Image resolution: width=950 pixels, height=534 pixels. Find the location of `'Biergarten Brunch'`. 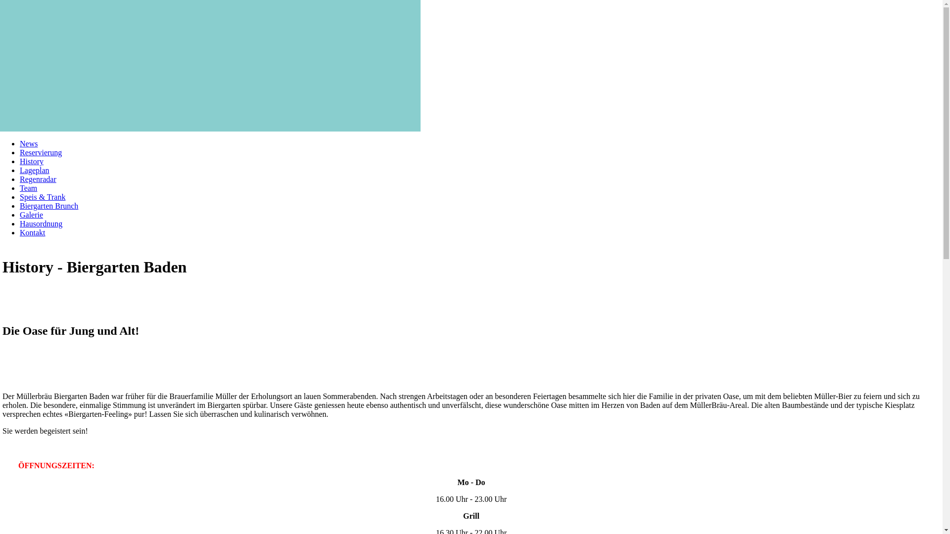

'Biergarten Brunch' is located at coordinates (19, 205).